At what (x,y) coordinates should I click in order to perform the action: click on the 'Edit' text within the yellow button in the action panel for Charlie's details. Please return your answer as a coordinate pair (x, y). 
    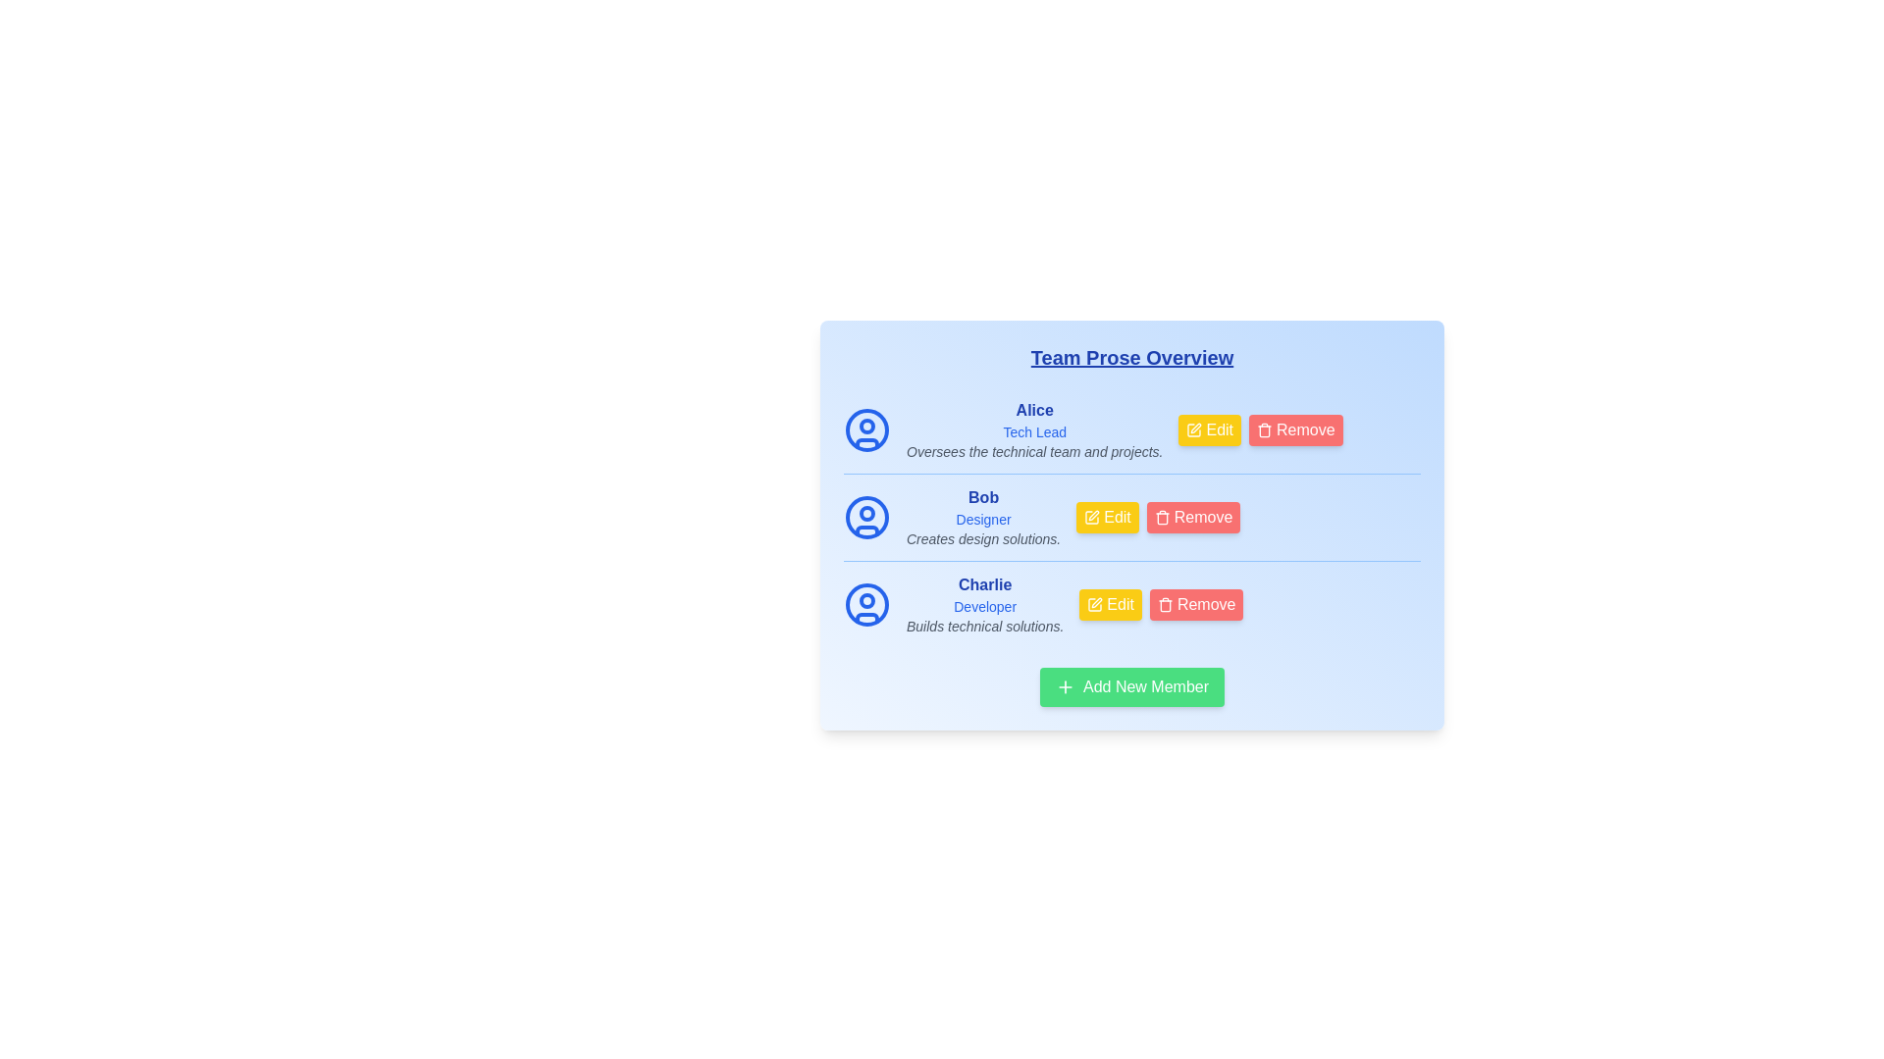
    Looking at the image, I should click on (1119, 604).